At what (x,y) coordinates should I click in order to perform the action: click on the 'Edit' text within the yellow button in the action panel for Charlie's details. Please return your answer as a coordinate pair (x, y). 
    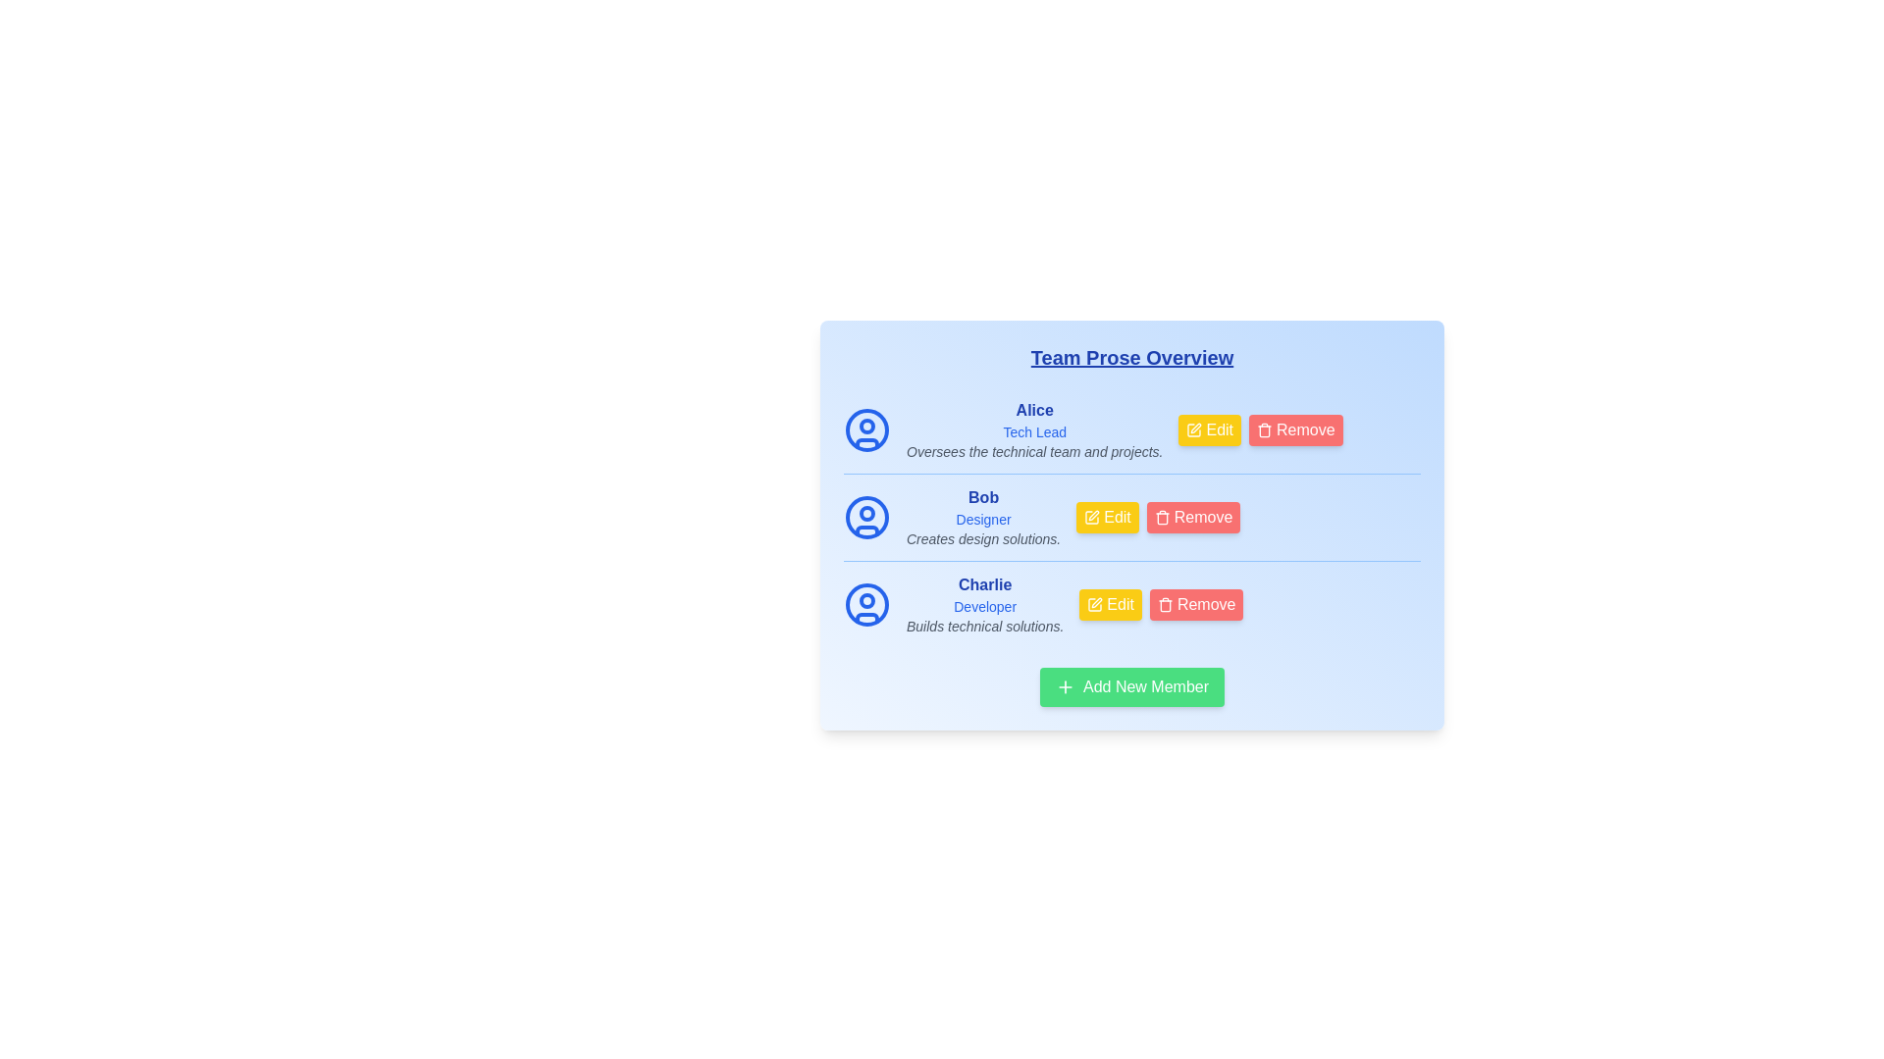
    Looking at the image, I should click on (1119, 604).